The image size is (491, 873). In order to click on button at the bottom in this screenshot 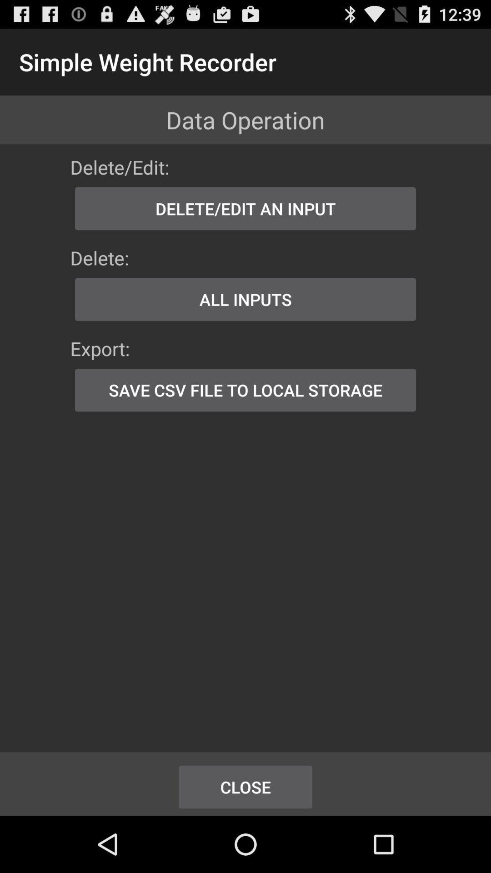, I will do `click(245, 787)`.